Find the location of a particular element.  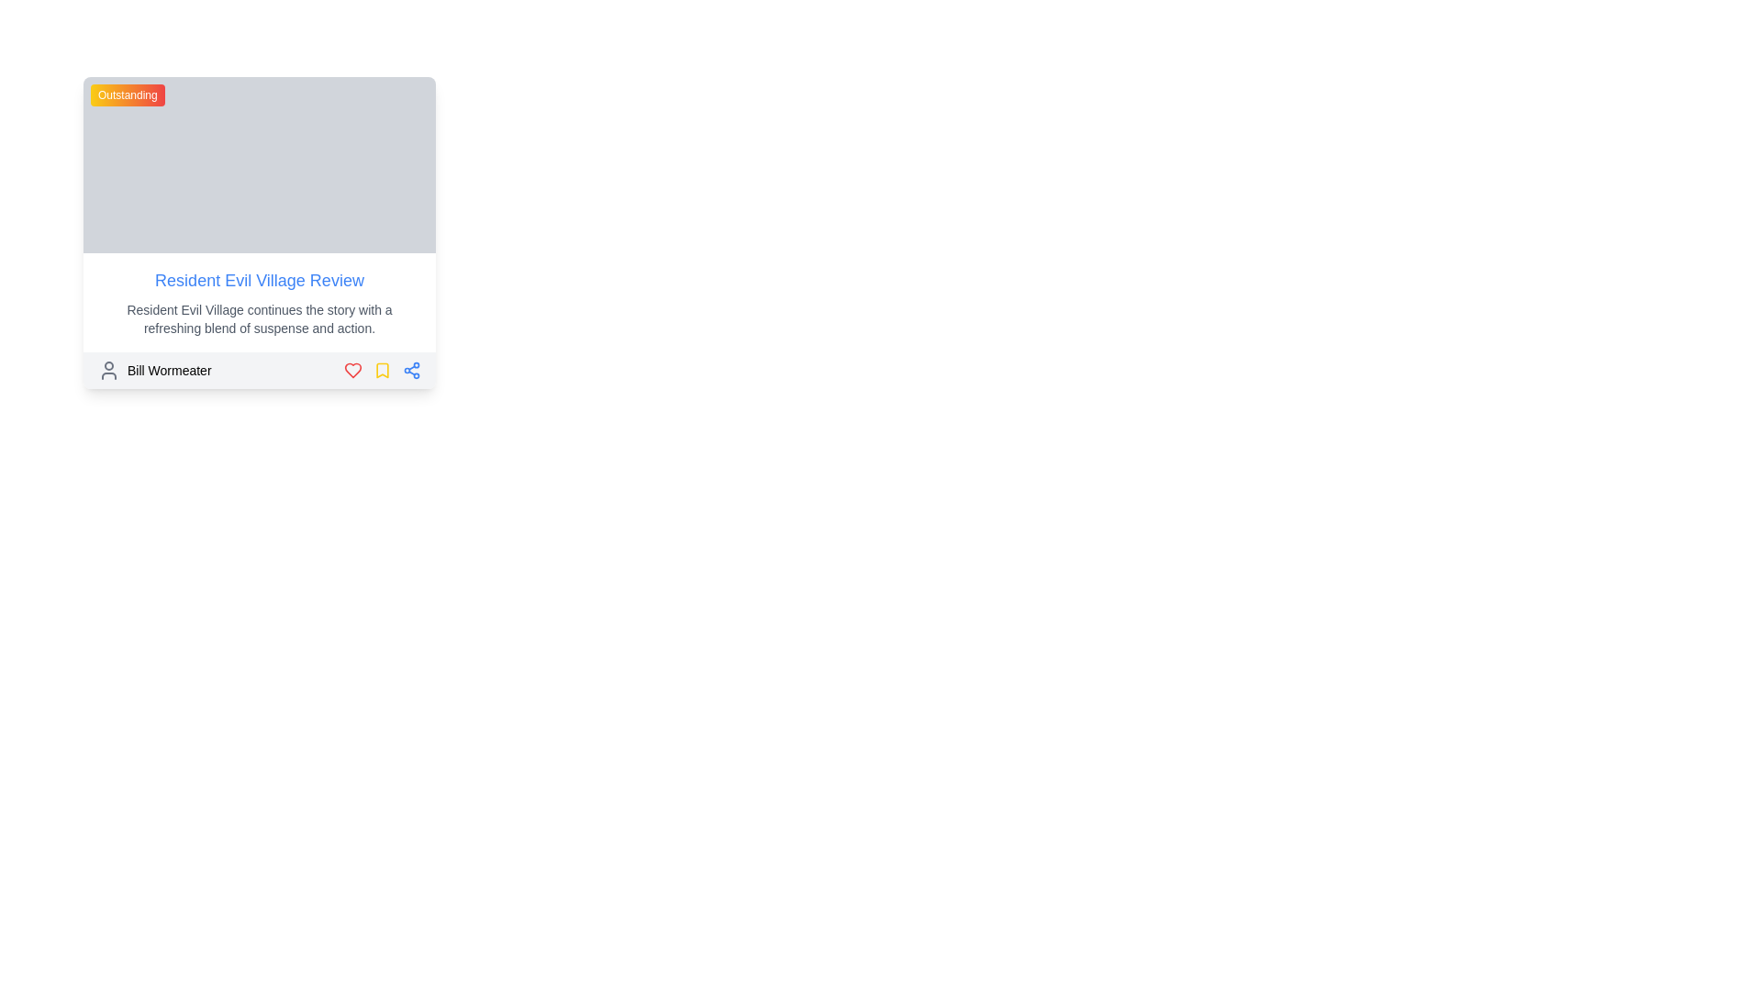

the descriptive text element located below the blue-hyperlinked title 'Resident Evil Village Review', which provides a summary or insight about the information presented is located at coordinates (259, 317).